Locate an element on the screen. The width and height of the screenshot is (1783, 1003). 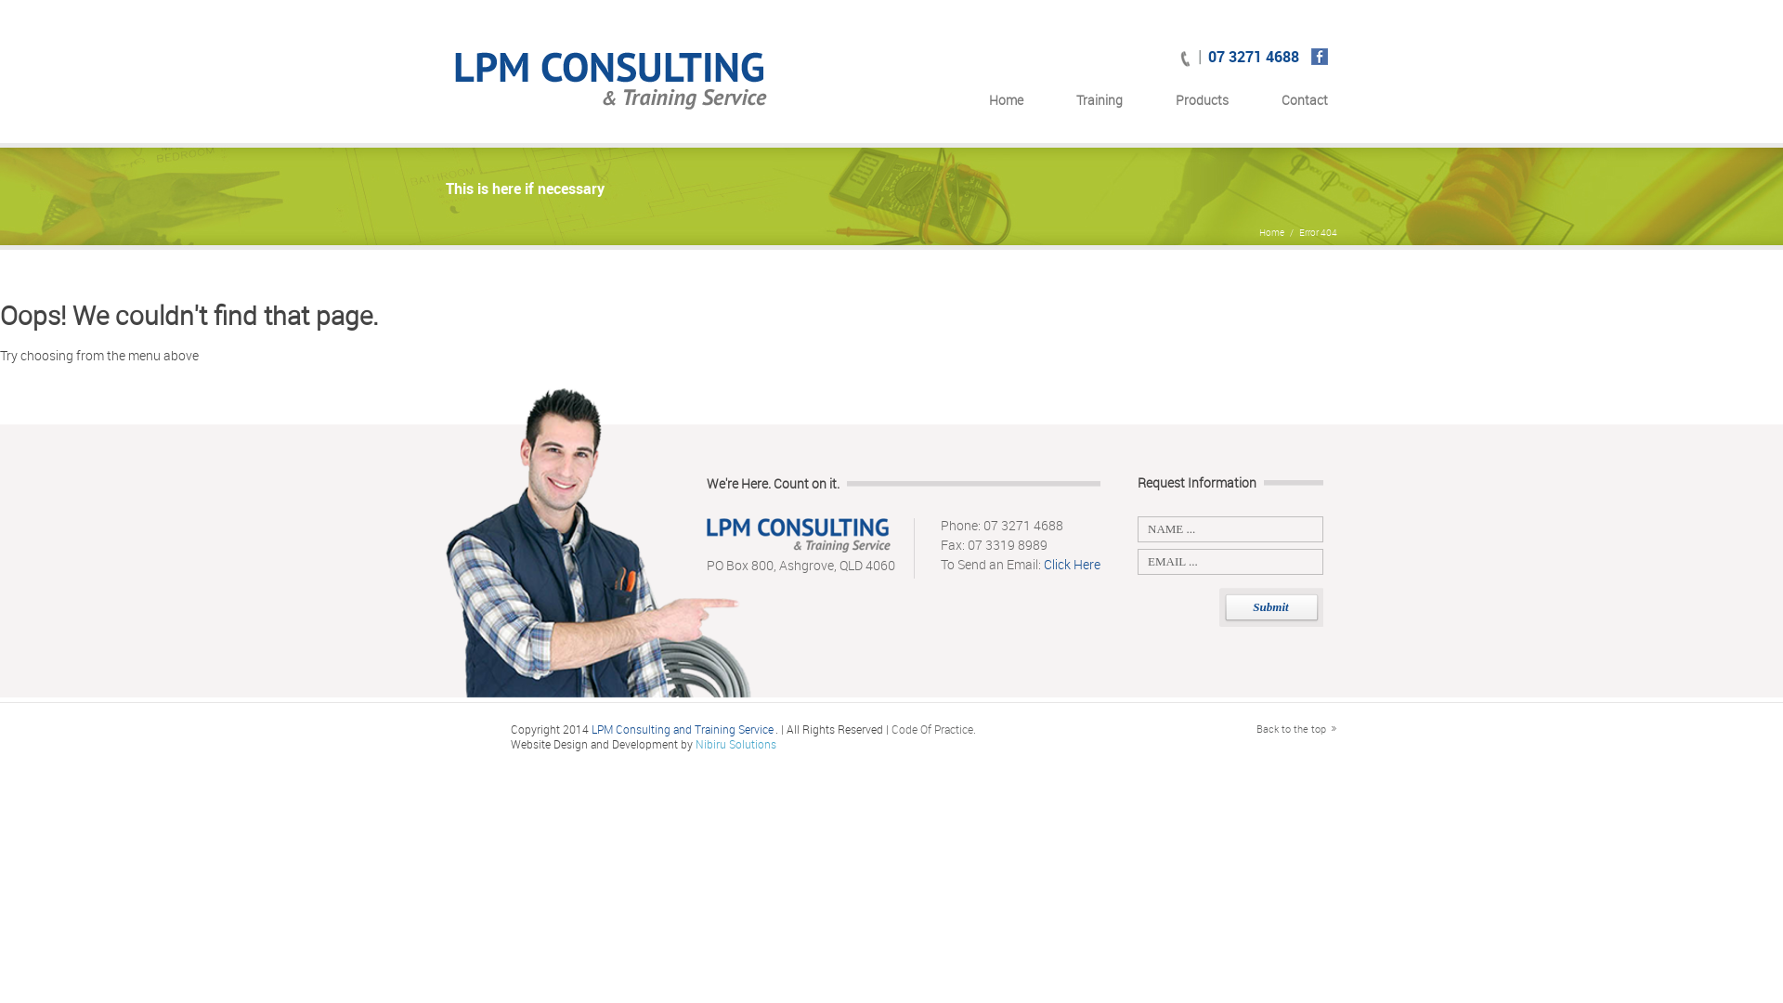
'LPMCTS' is located at coordinates (613, 85).